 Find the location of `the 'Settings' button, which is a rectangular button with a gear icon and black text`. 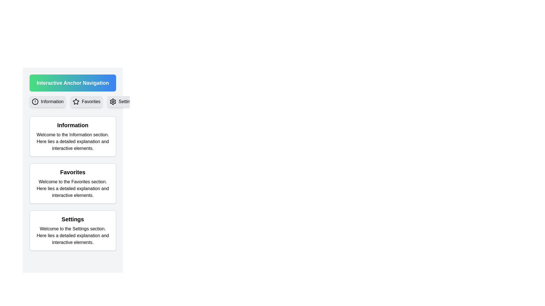

the 'Settings' button, which is a rectangular button with a gear icon and black text is located at coordinates (122, 101).